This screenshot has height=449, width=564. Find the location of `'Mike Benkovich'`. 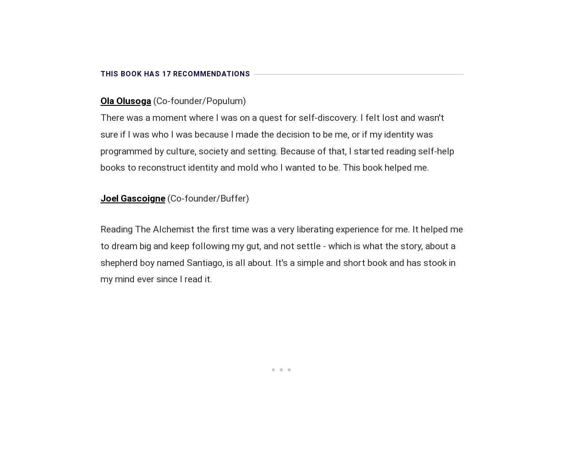

'Mike Benkovich' is located at coordinates (100, 380).